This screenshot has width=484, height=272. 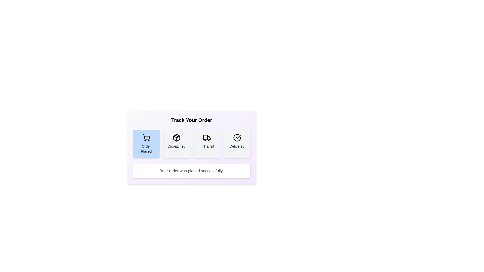 What do you see at coordinates (146, 144) in the screenshot?
I see `the Order Placed button to reveal details or animations` at bounding box center [146, 144].